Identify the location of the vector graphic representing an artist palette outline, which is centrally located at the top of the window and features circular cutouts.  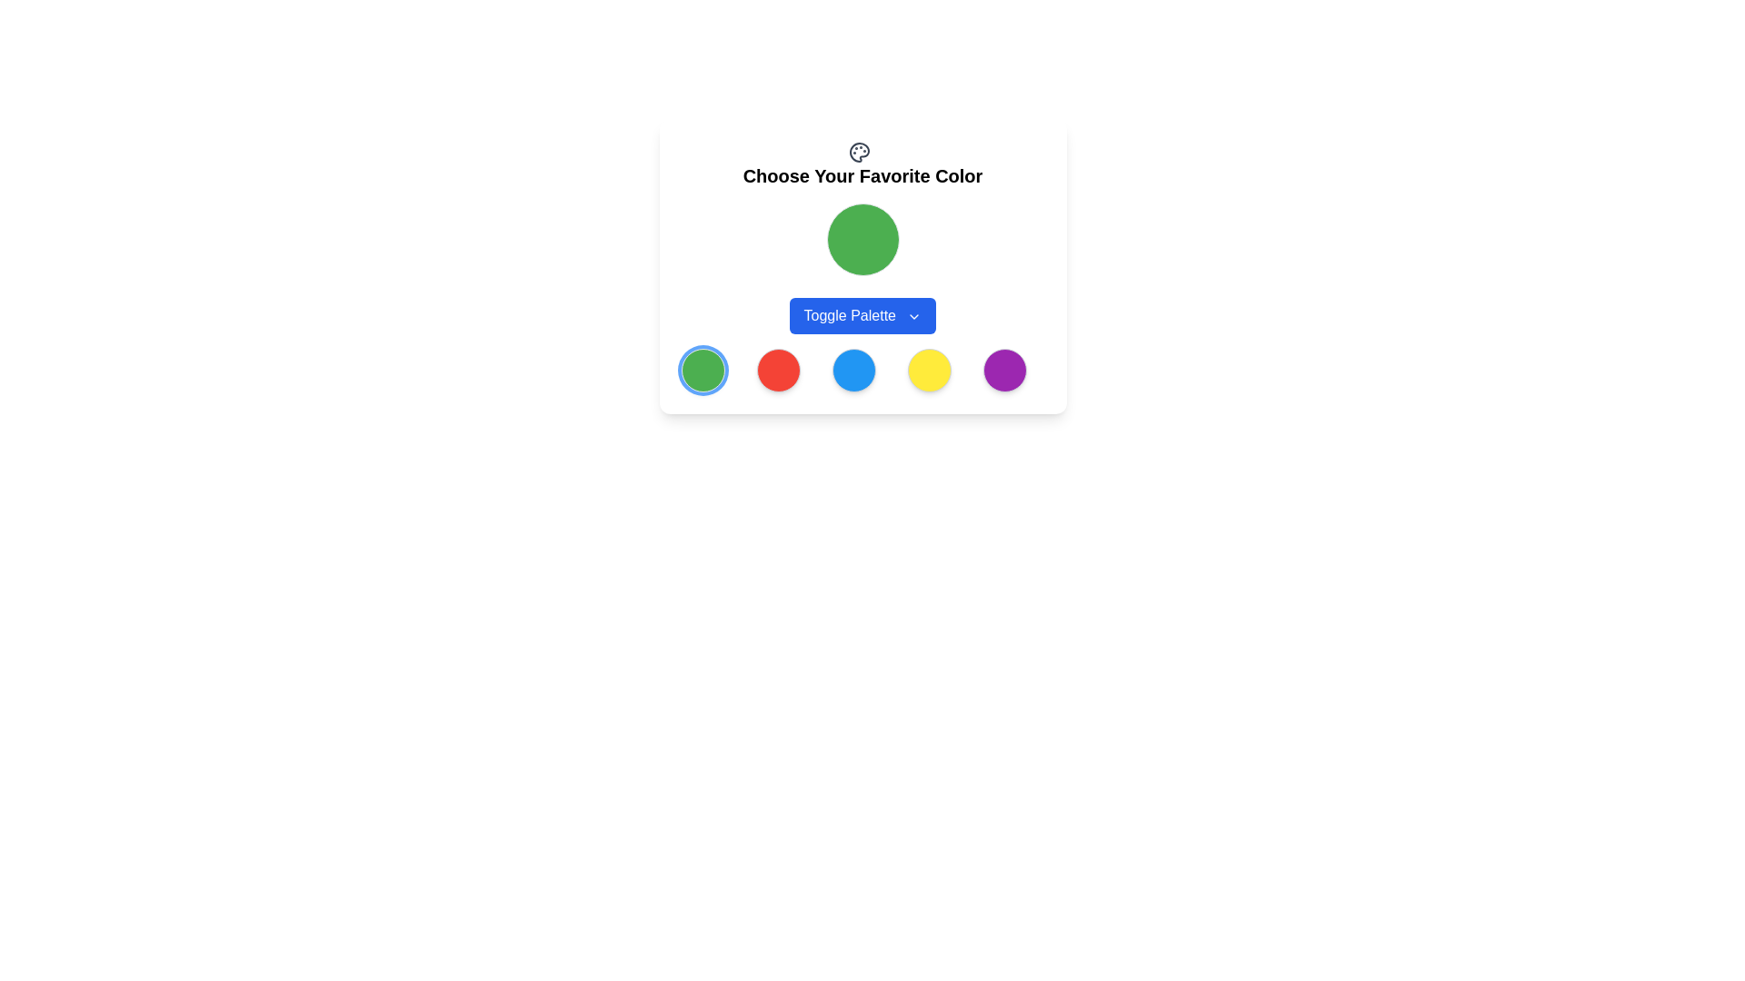
(858, 151).